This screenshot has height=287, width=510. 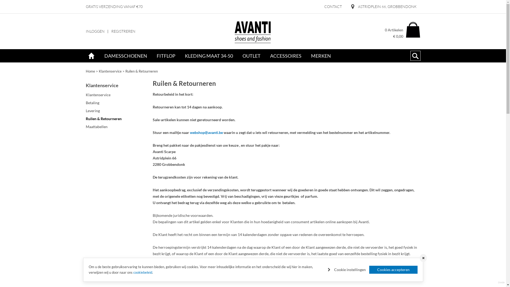 What do you see at coordinates (393, 269) in the screenshot?
I see `'Cookies accepteren'` at bounding box center [393, 269].